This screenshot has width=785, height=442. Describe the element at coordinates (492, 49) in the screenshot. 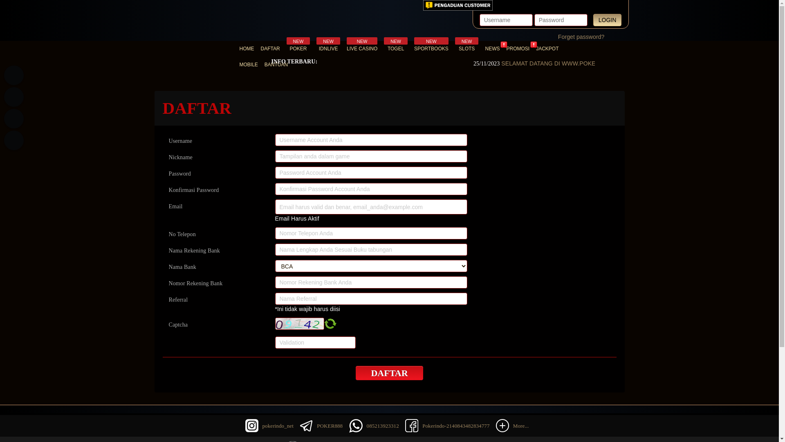

I see `'NEWS'` at that location.